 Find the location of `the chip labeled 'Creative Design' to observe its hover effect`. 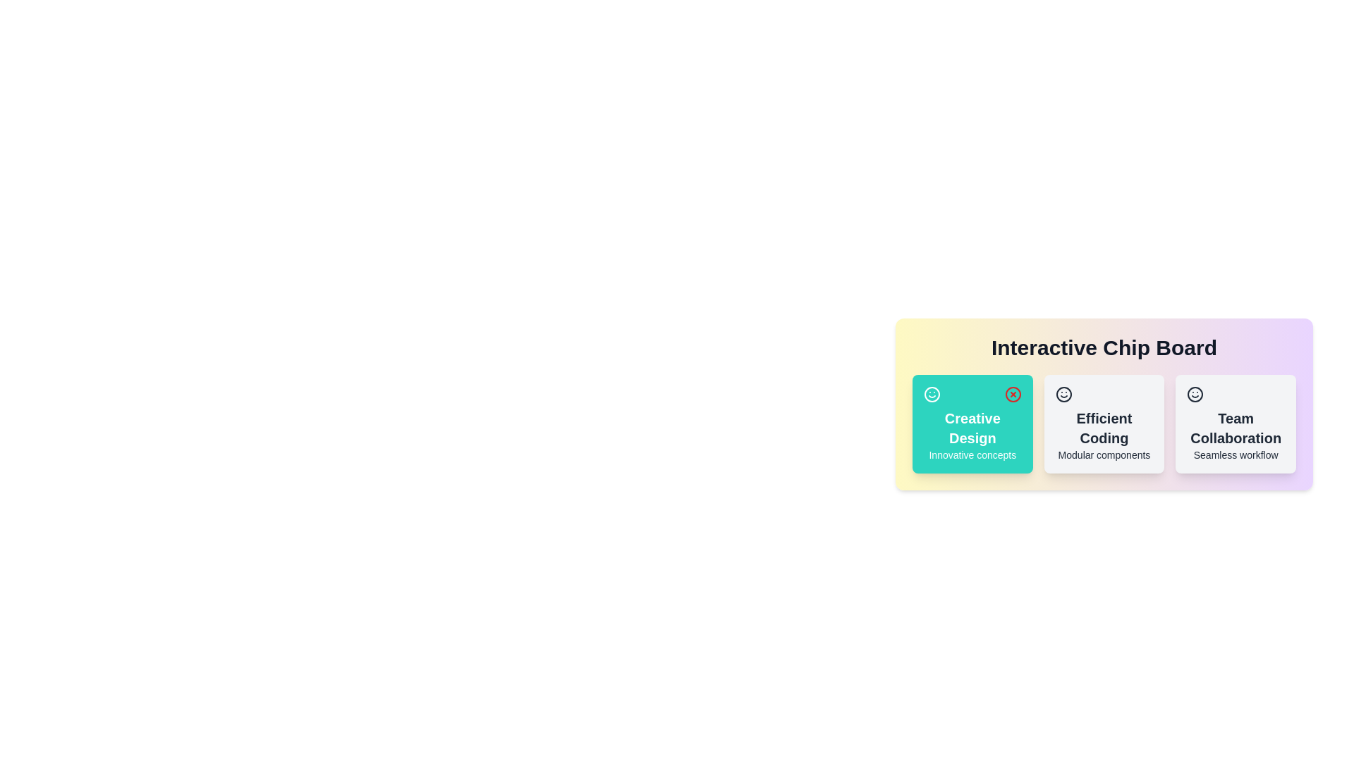

the chip labeled 'Creative Design' to observe its hover effect is located at coordinates (971, 423).